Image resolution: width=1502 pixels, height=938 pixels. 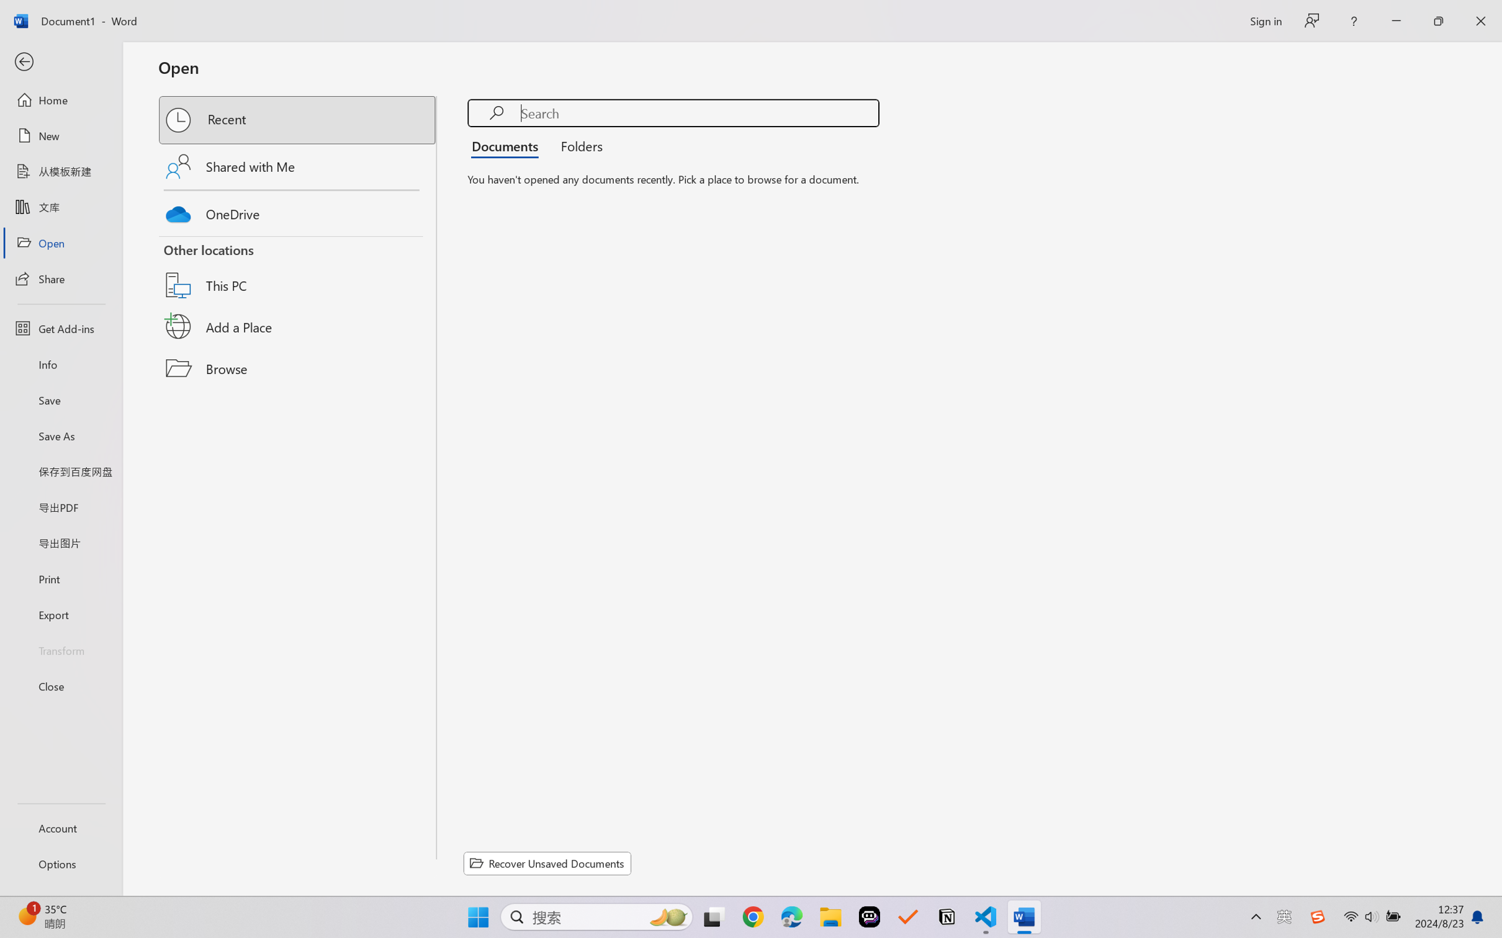 I want to click on 'Back', so click(x=60, y=62).